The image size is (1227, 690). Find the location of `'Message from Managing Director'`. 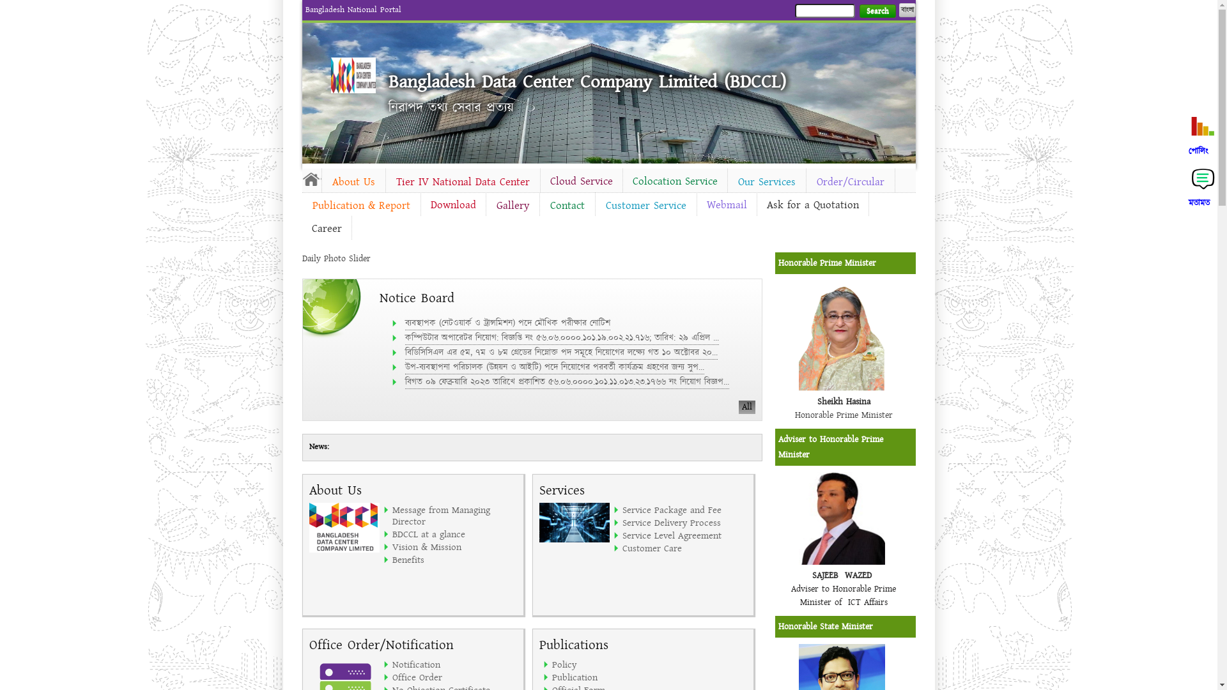

'Message from Managing Director' is located at coordinates (454, 514).